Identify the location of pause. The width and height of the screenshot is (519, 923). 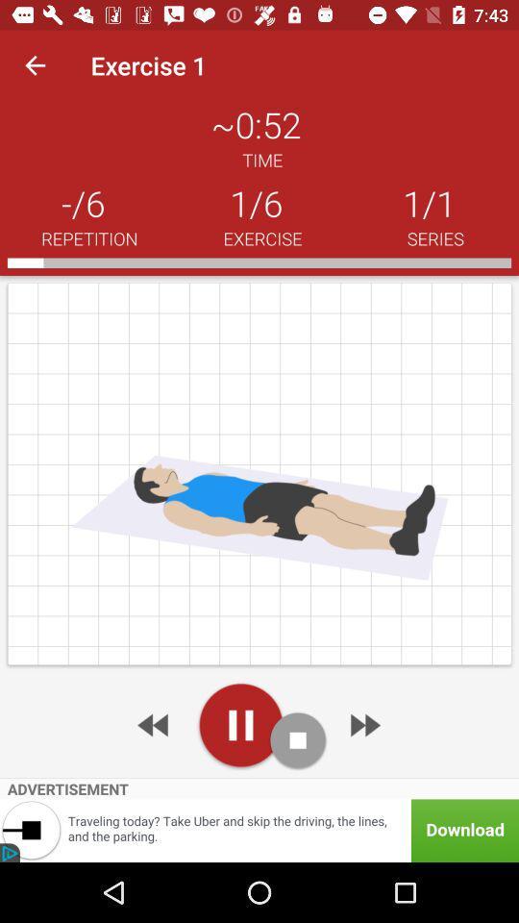
(240, 724).